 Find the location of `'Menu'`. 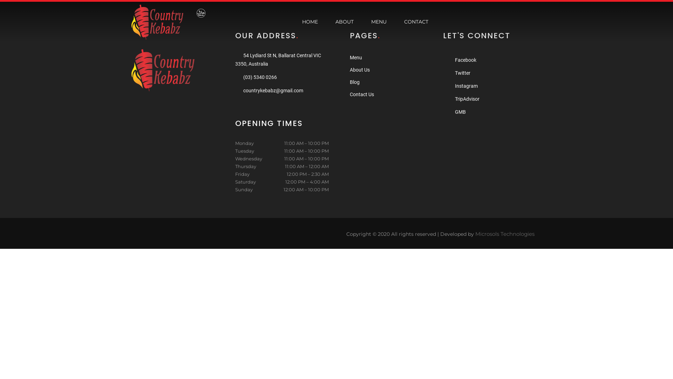

'Menu' is located at coordinates (350, 57).